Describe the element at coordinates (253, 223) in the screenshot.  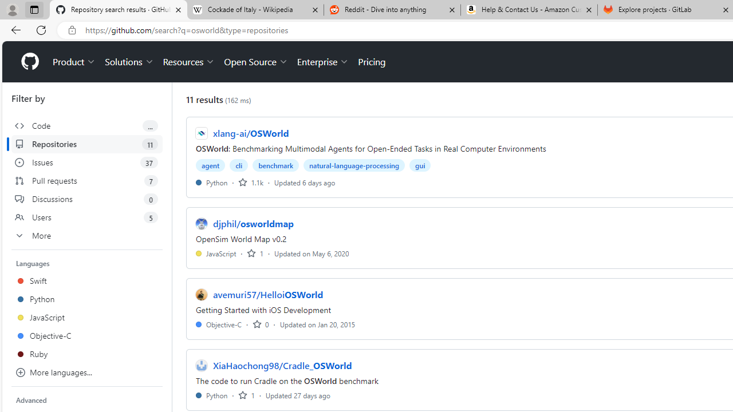
I see `'djphil/osworldmap'` at that location.